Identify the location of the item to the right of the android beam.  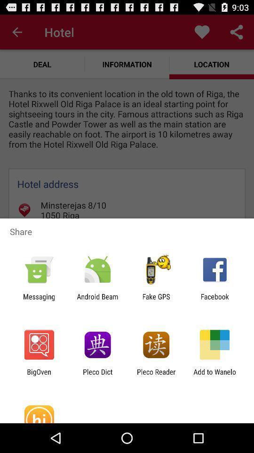
(156, 300).